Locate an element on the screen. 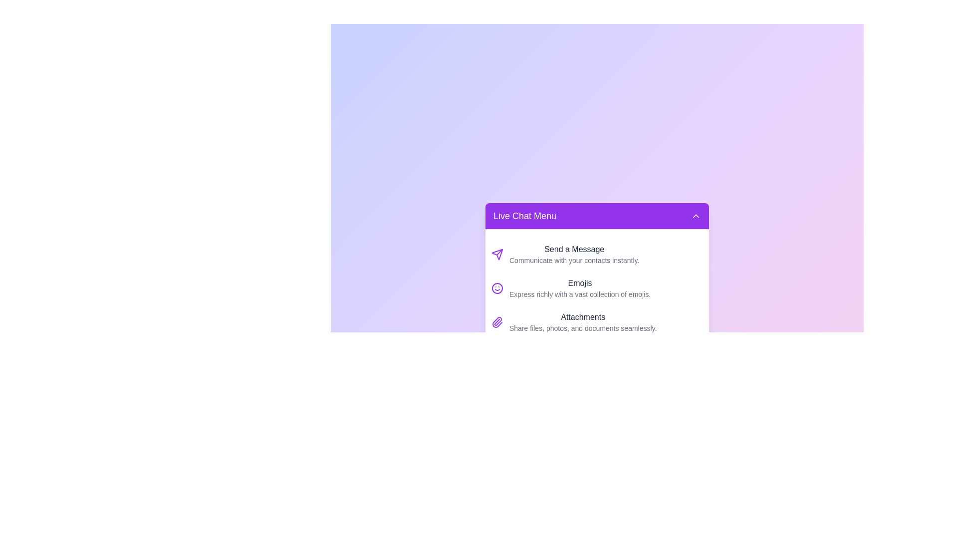  the menu item corresponding to Send a Message is located at coordinates (597, 254).